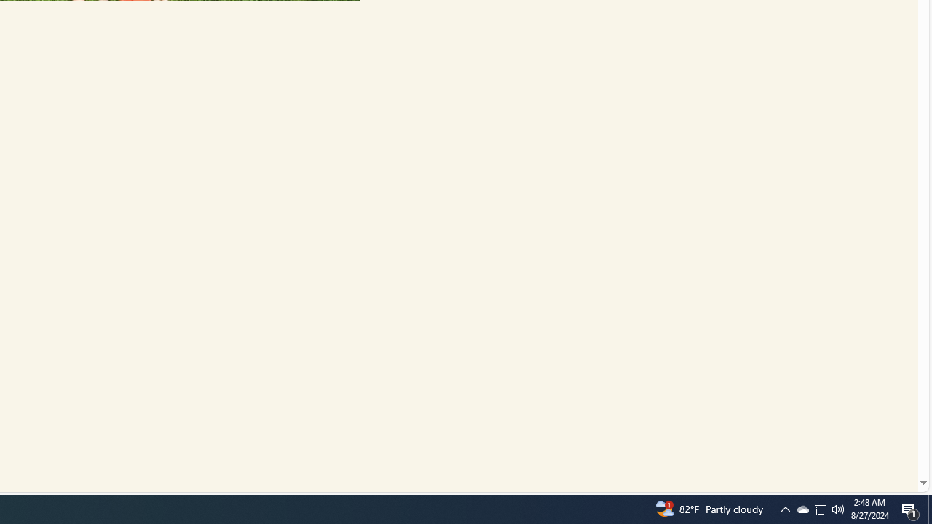 This screenshot has width=932, height=524. What do you see at coordinates (910, 508) in the screenshot?
I see `'Action Center, 1 new notification'` at bounding box center [910, 508].